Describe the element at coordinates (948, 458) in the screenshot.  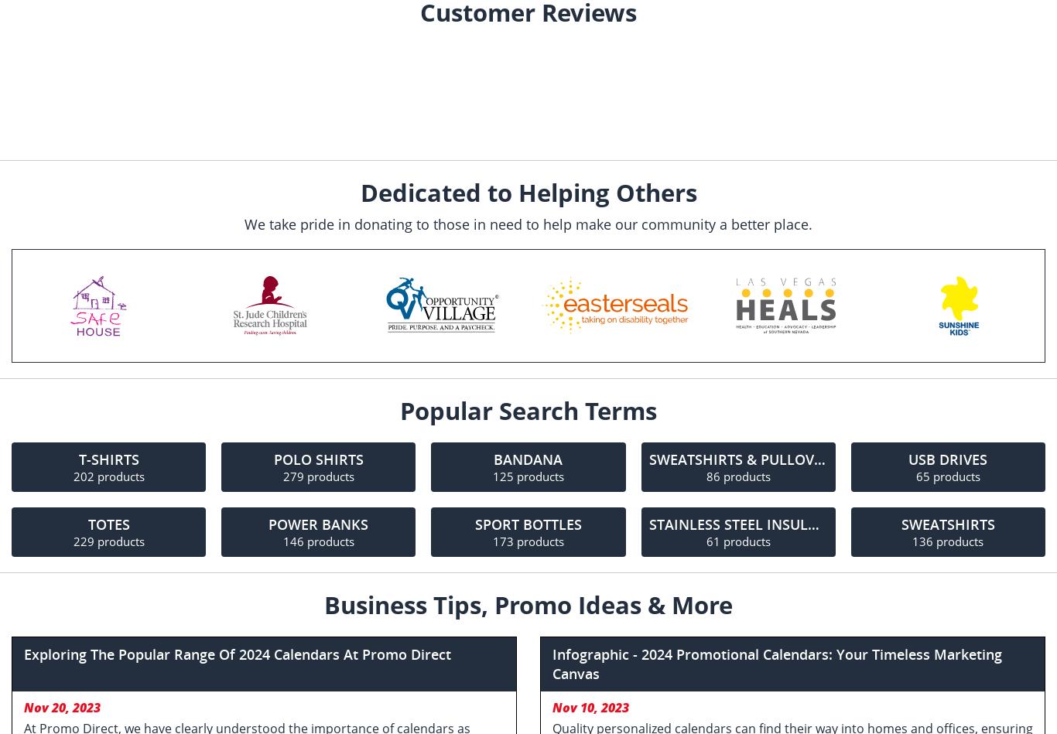
I see `'USB Drives'` at that location.